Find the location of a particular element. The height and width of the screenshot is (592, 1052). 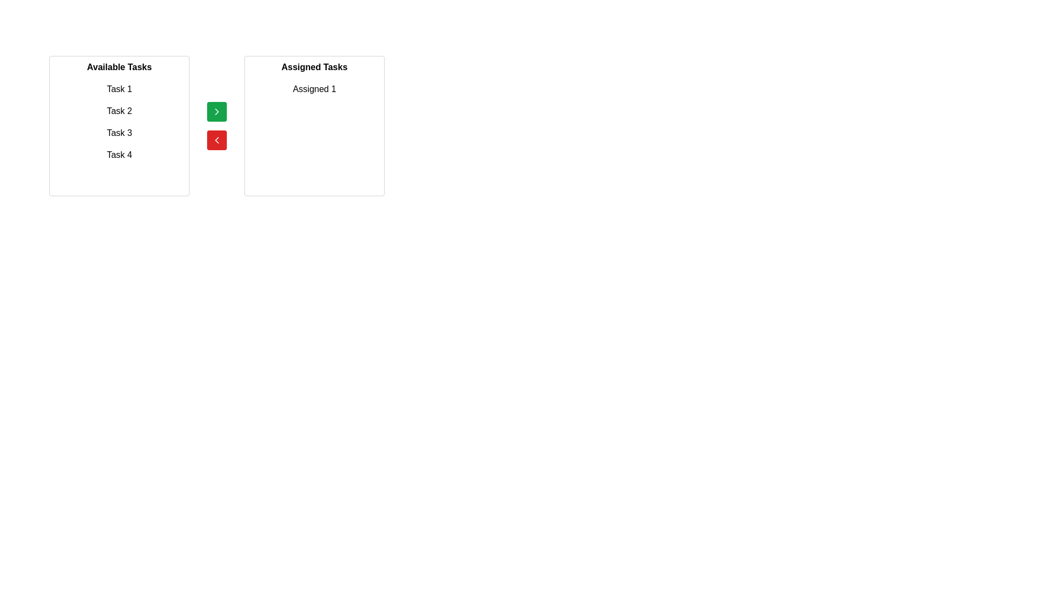

the interactive icon button located within a red circular button that removes items from the 'Assigned Tasks' list is located at coordinates (216, 139).